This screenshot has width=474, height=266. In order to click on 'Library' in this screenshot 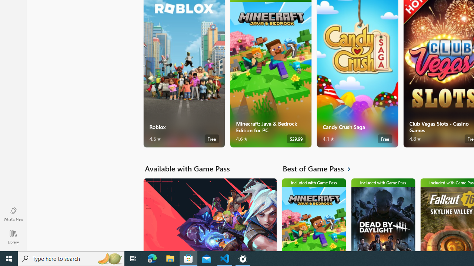, I will do `click(13, 236)`.